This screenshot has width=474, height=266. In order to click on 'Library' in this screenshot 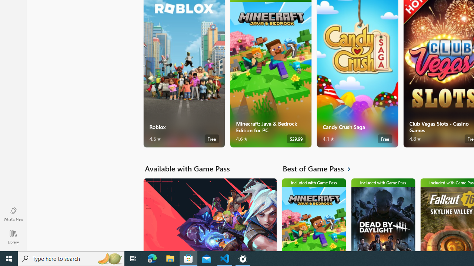, I will do `click(13, 236)`.